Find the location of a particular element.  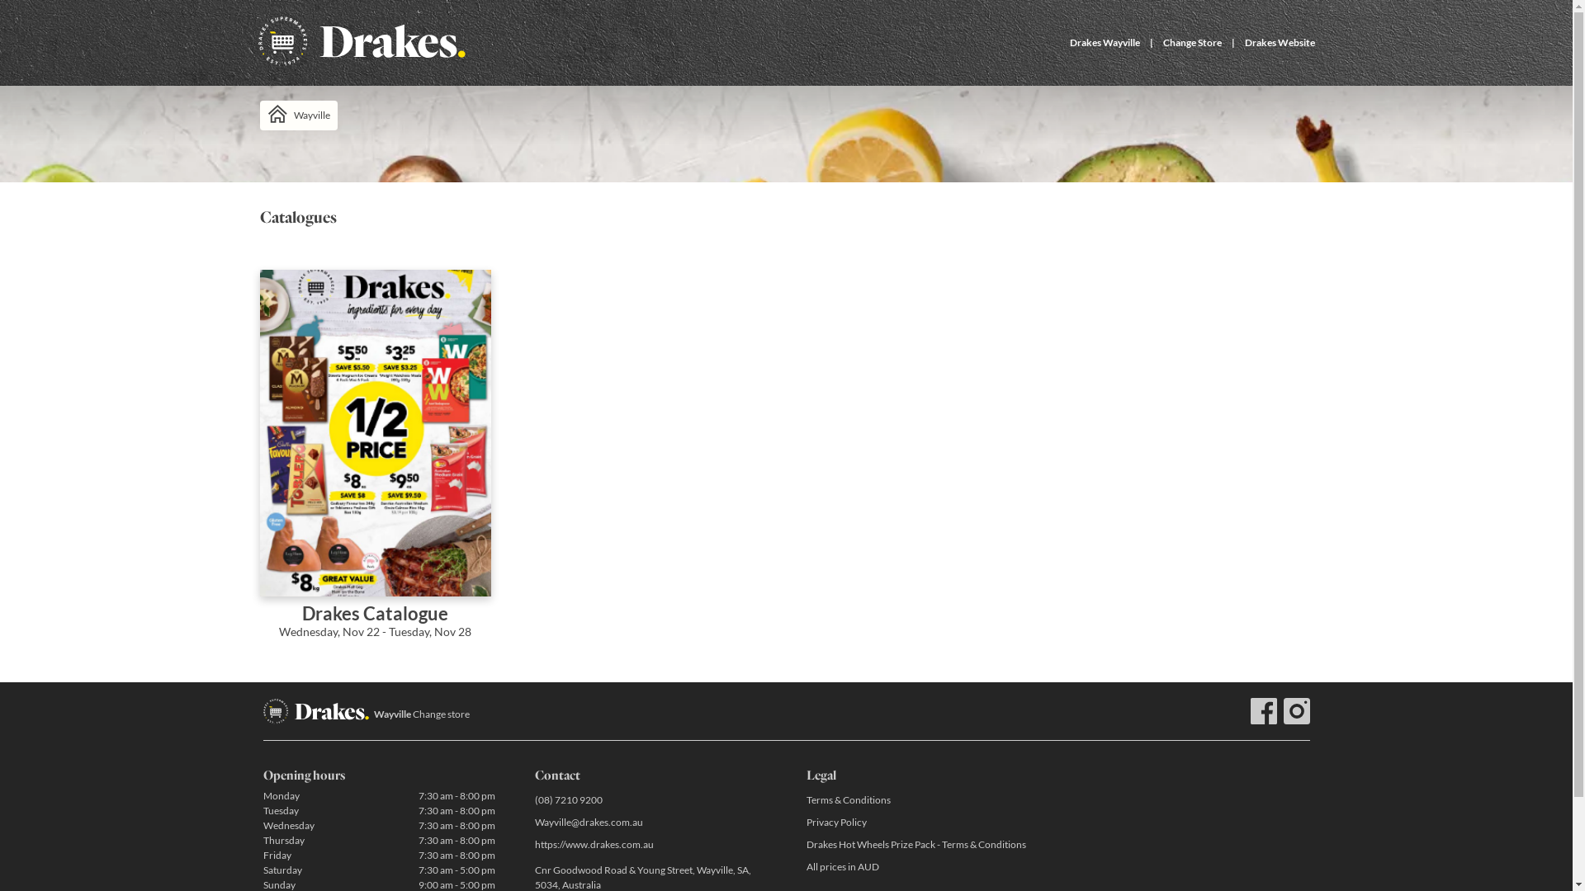

'Drakes Hot Wheels Prize Pack - Terms & Conditions' is located at coordinates (805, 844).